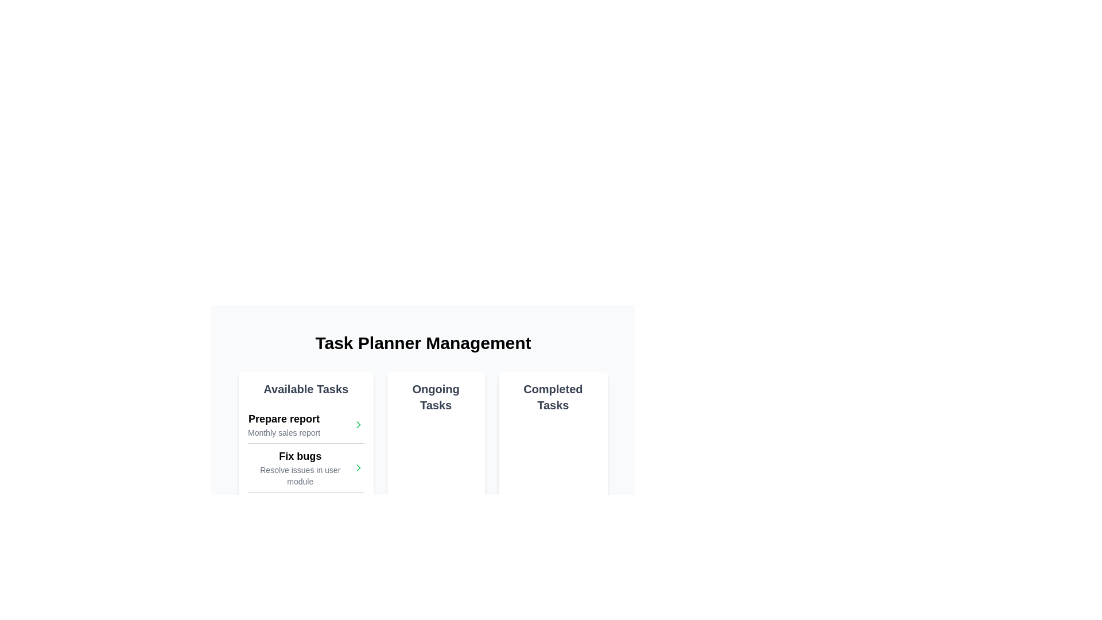 The image size is (1102, 620). I want to click on the 'Prepare report' textual element in the 'Available Tasks' section, which features a bold headline and a smaller subtext, positioned above the 'Fix bugs' task, so click(284, 425).